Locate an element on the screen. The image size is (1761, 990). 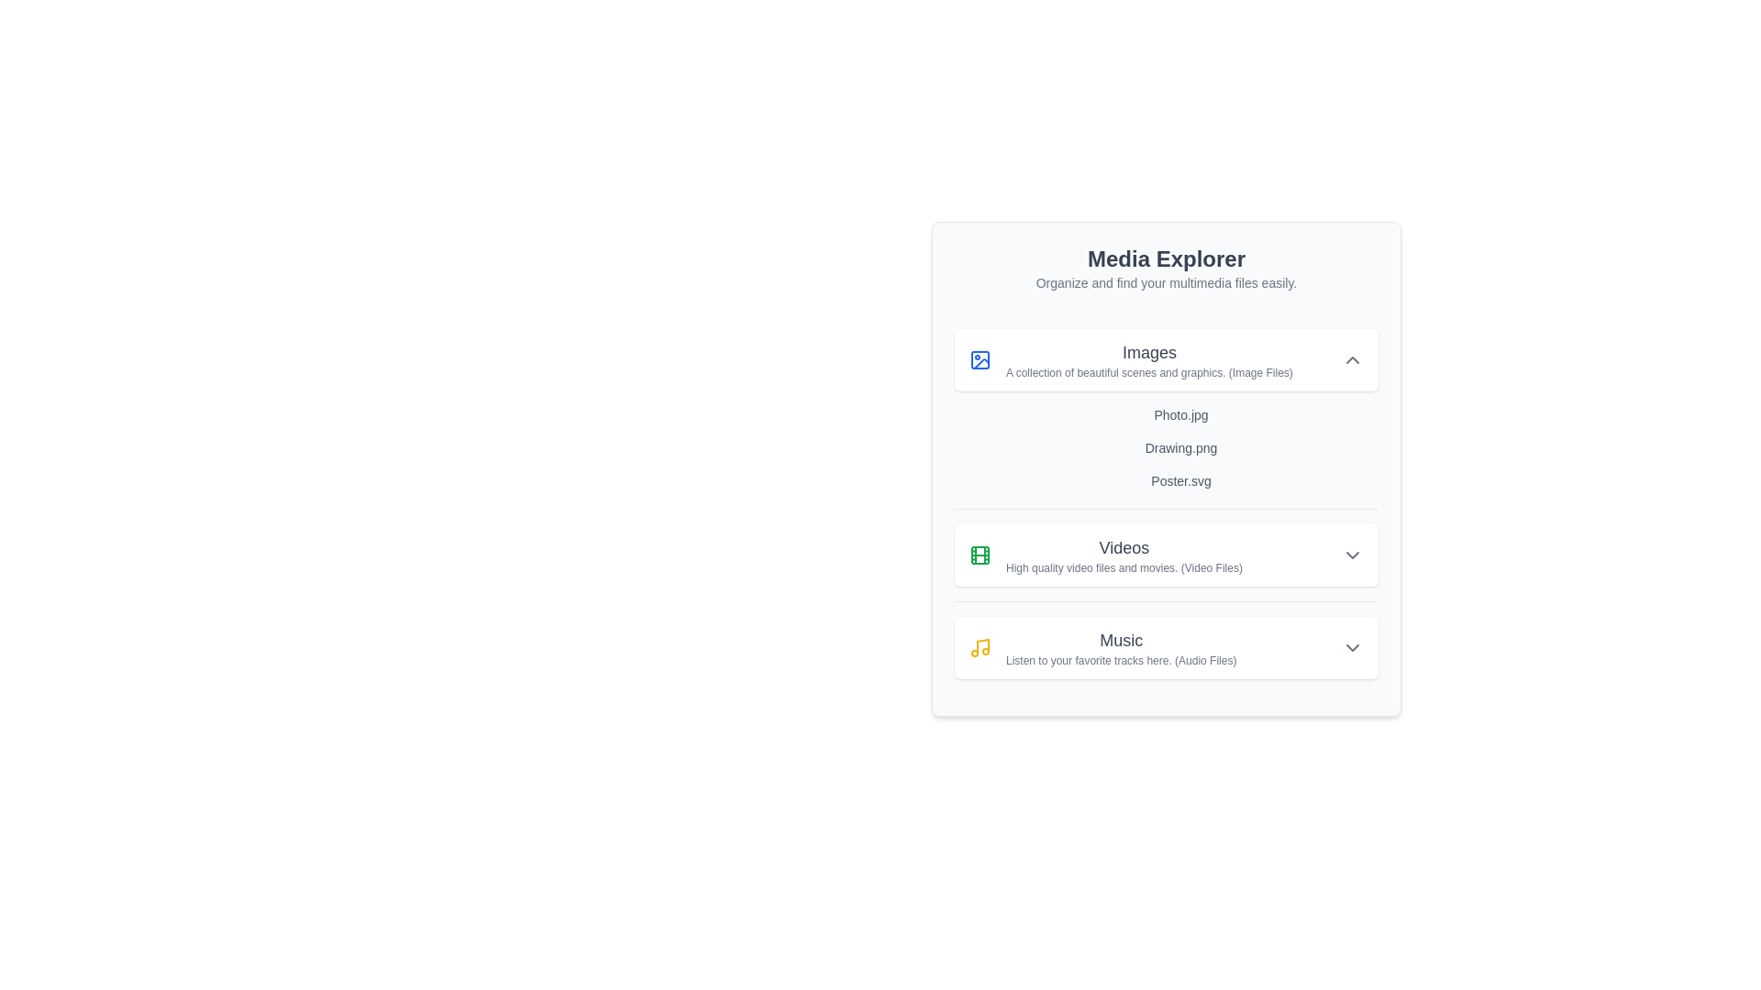
the music category icon located on the far left within the Music section of the Media Explorer interface for visual context is located at coordinates (980, 646).